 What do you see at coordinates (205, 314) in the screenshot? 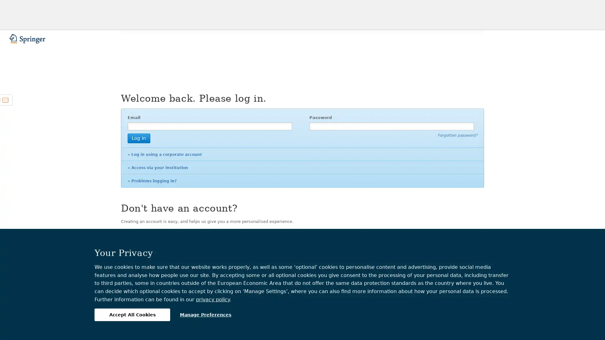
I see `Manage Preferences` at bounding box center [205, 314].